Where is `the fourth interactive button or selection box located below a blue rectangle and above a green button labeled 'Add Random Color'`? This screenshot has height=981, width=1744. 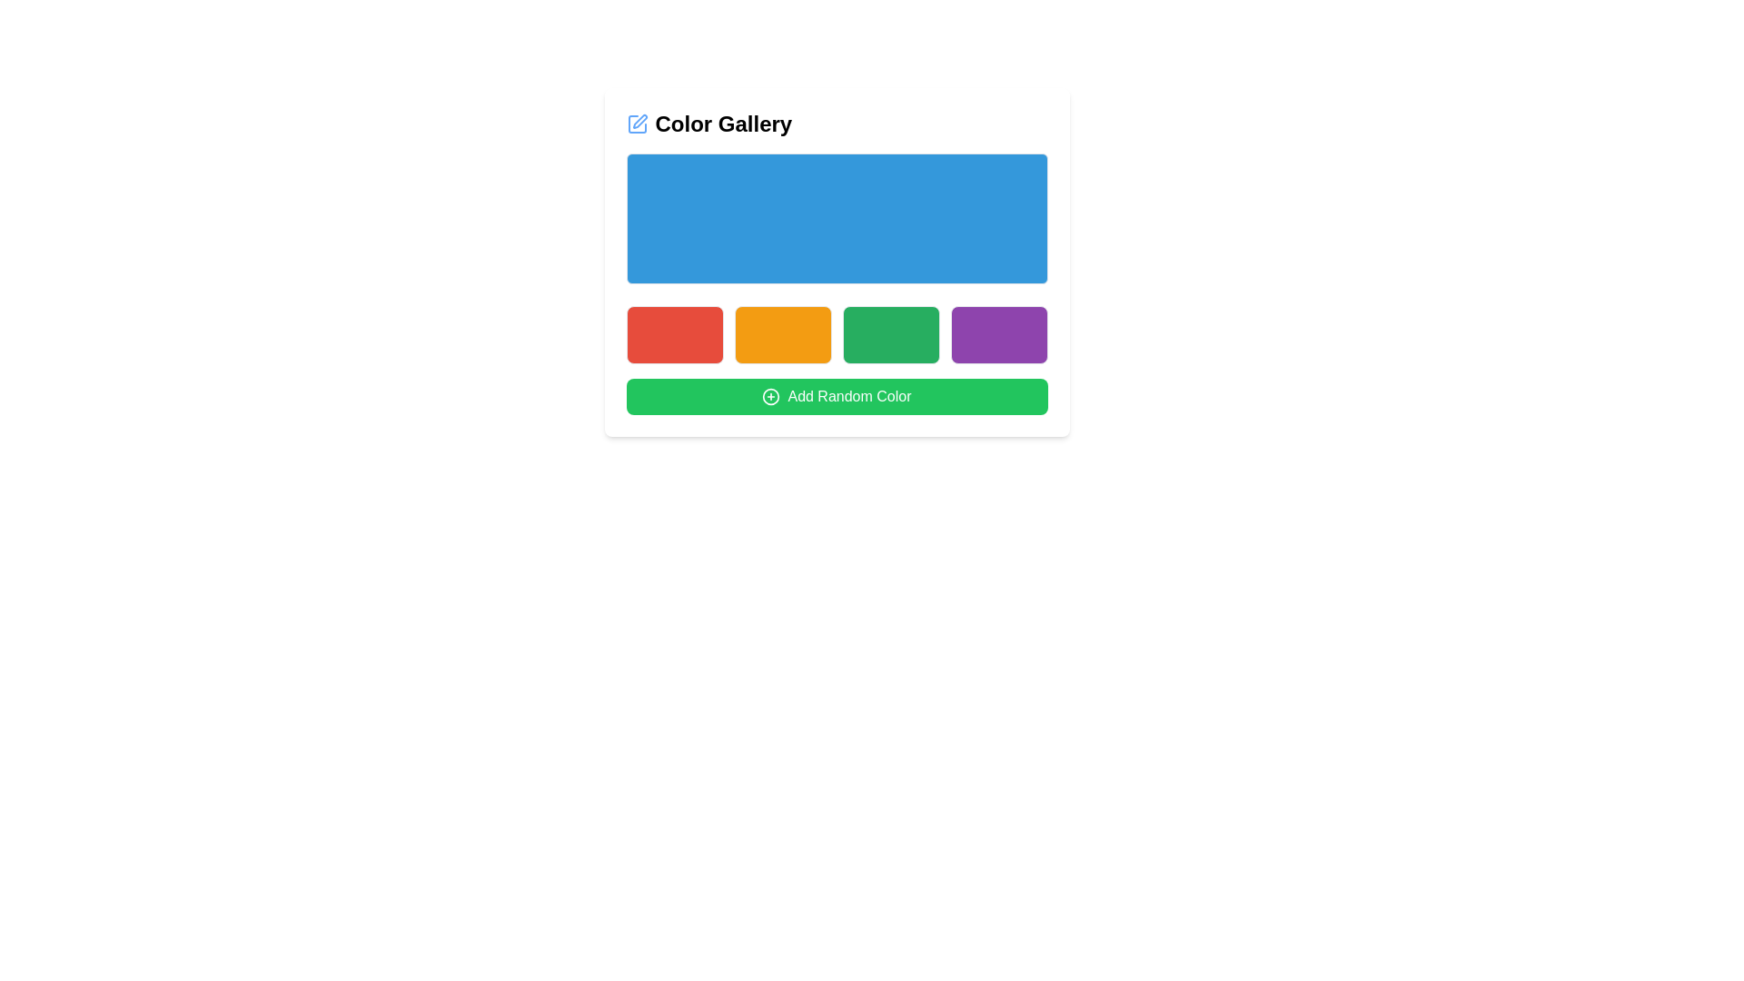
the fourth interactive button or selection box located below a blue rectangle and above a green button labeled 'Add Random Color' is located at coordinates (997, 335).